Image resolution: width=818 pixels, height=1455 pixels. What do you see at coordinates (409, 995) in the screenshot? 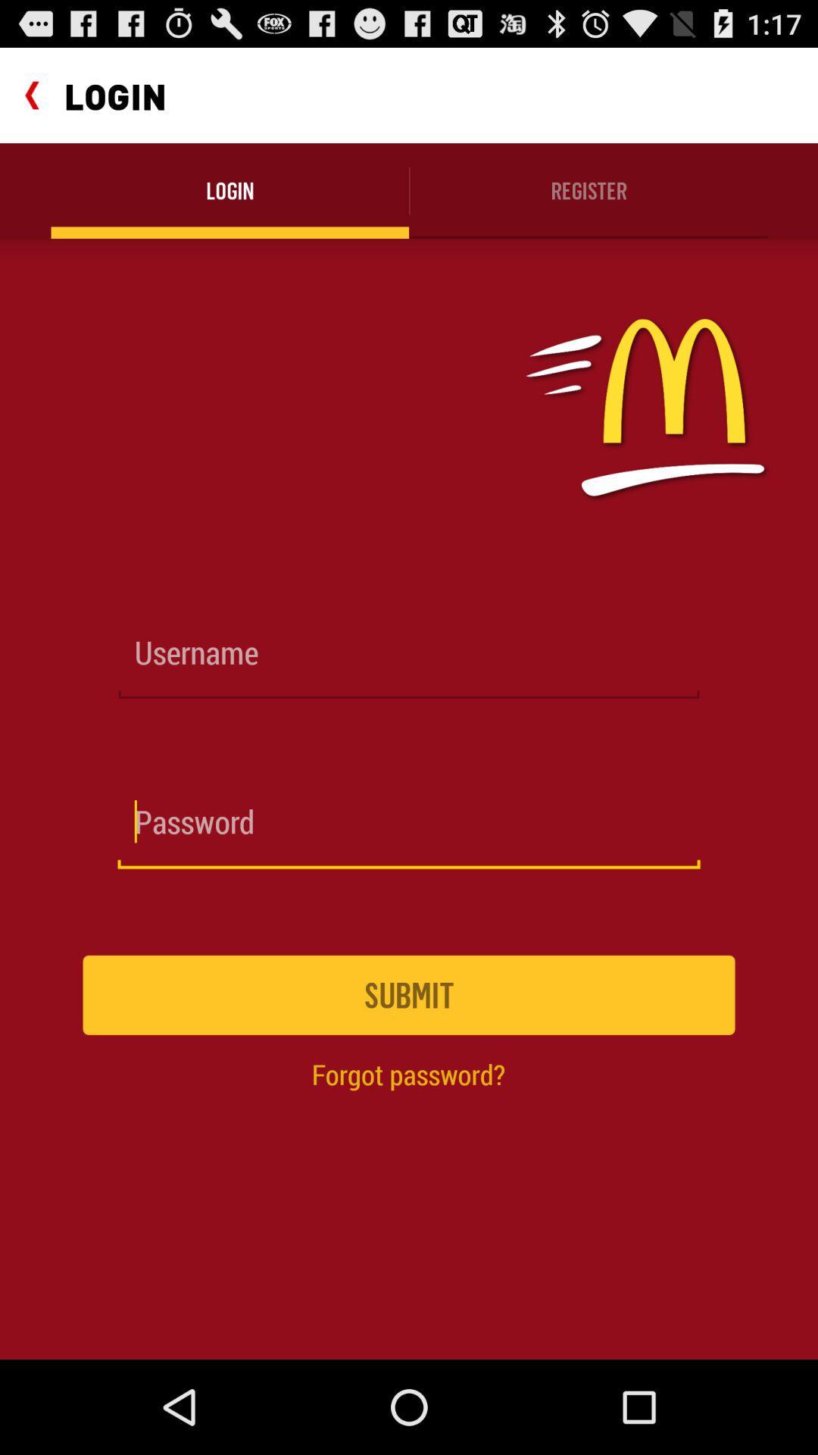
I see `item above forgot password?` at bounding box center [409, 995].